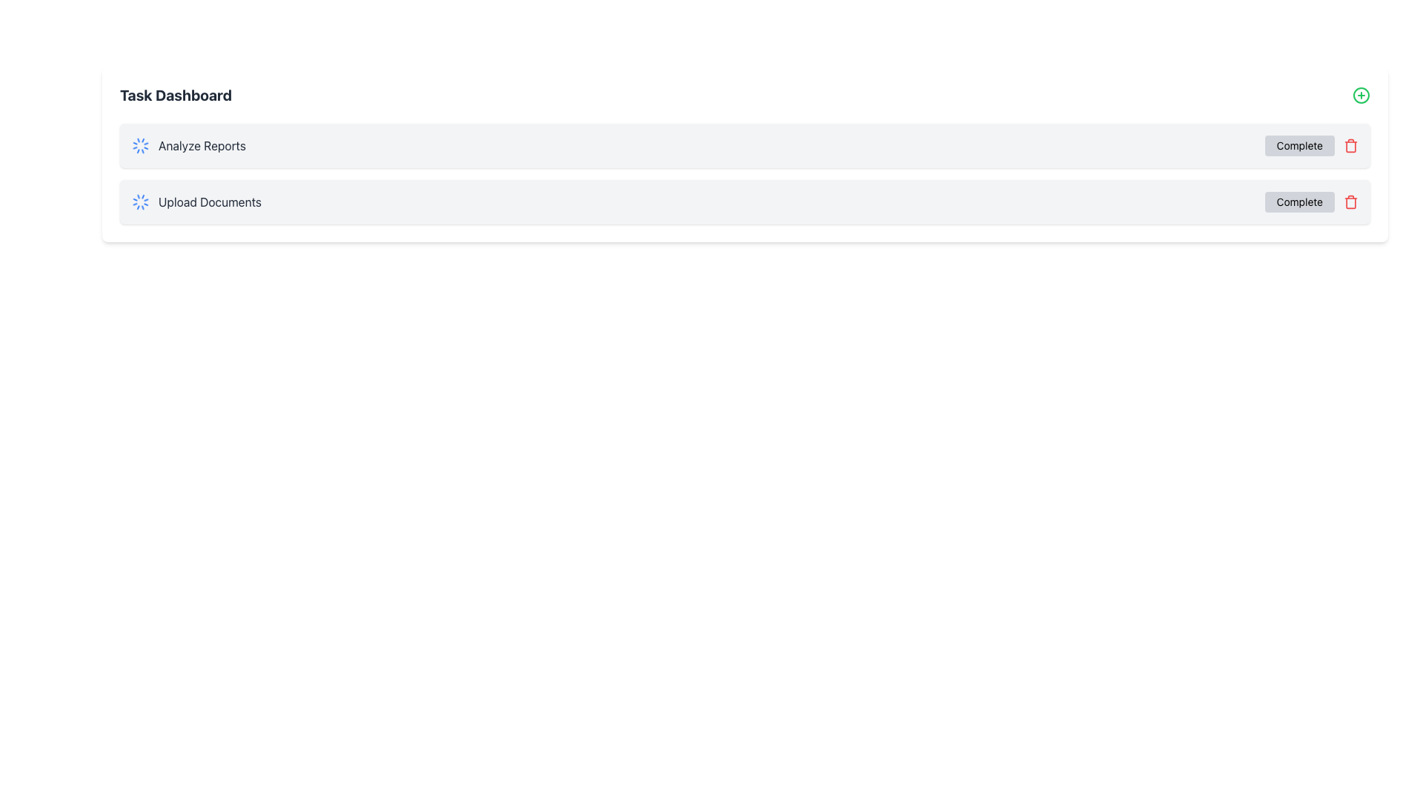 The image size is (1423, 800). I want to click on the 'Analyze Reports' task element with an animated loader icon in the 'Task Dashboard', so click(188, 145).